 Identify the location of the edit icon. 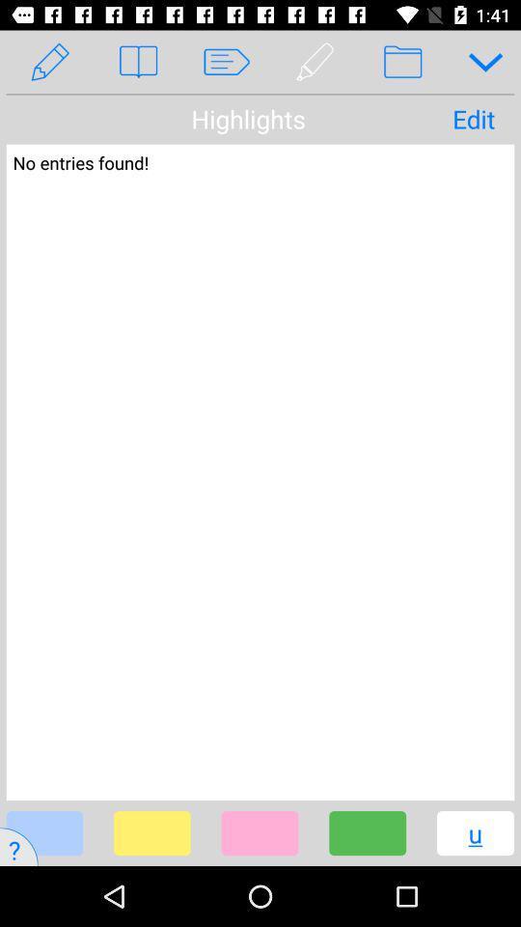
(50, 62).